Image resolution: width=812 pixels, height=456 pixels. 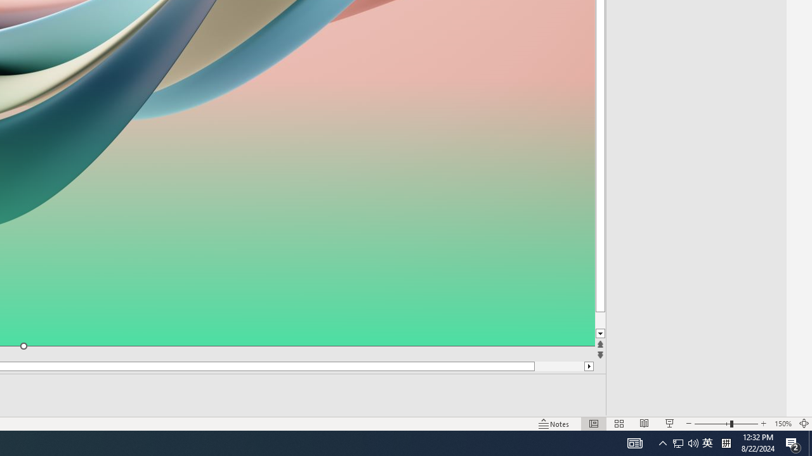 What do you see at coordinates (712, 424) in the screenshot?
I see `'Zoom Out'` at bounding box center [712, 424].